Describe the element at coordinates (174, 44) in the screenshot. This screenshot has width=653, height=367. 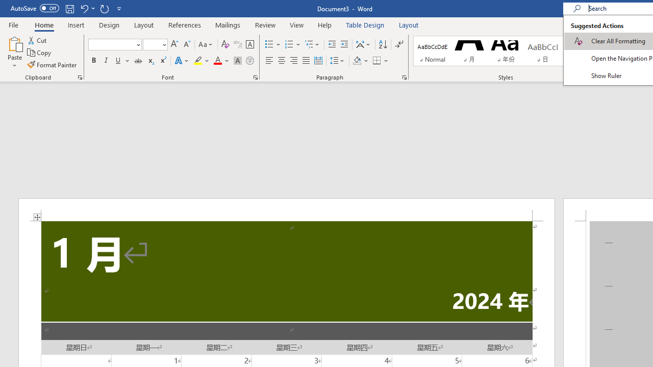
I see `'Grow Font'` at that location.